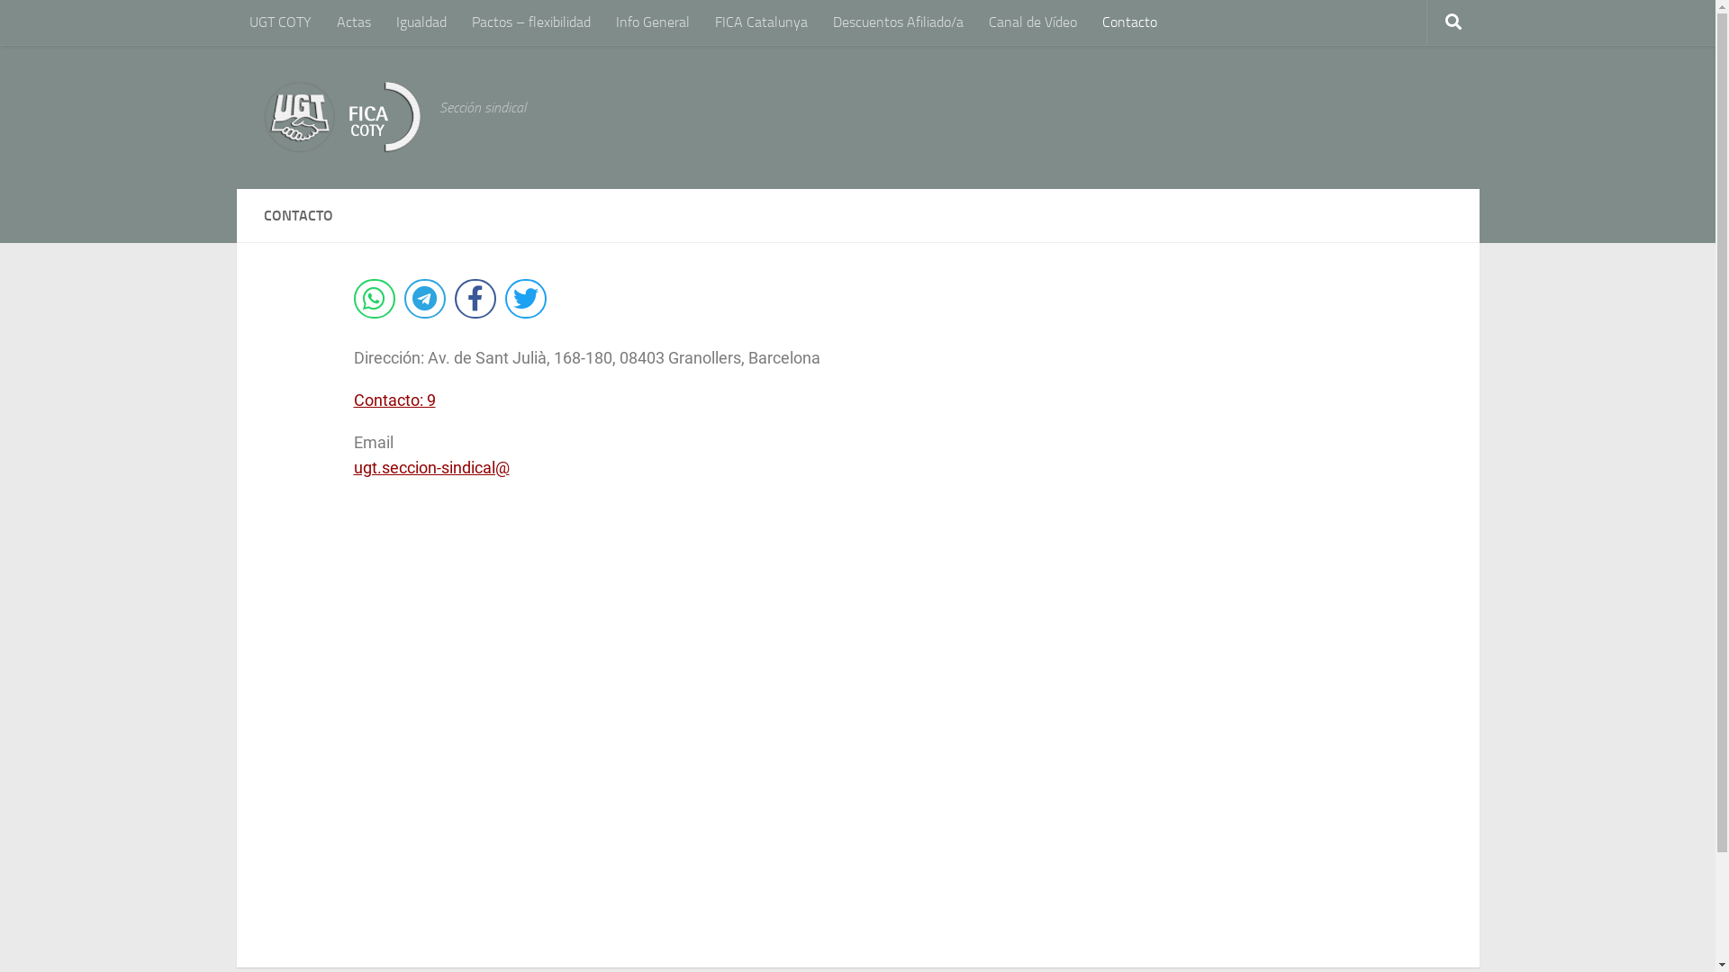  I want to click on 'Actas', so click(324, 22).